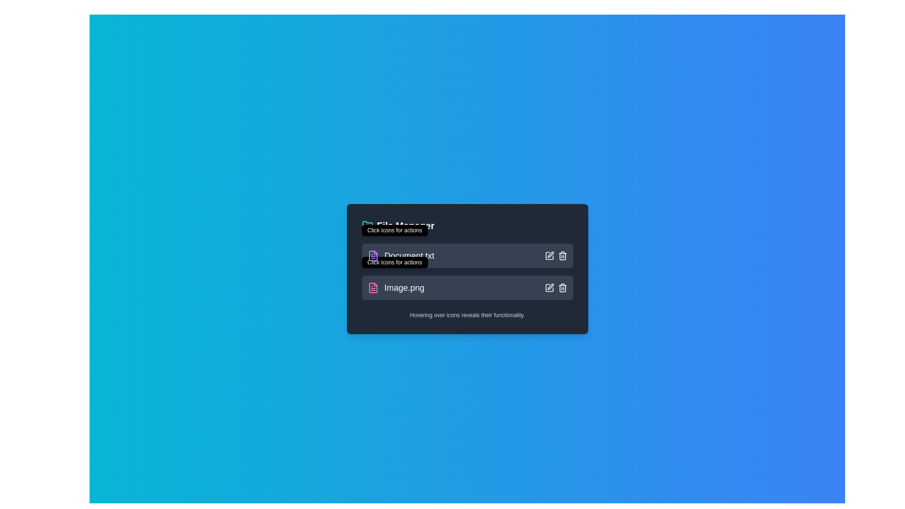  I want to click on text from the TextLabel that displays 'Image.png', which is positioned on the left side of the second row inside the file entry box, so click(404, 287).